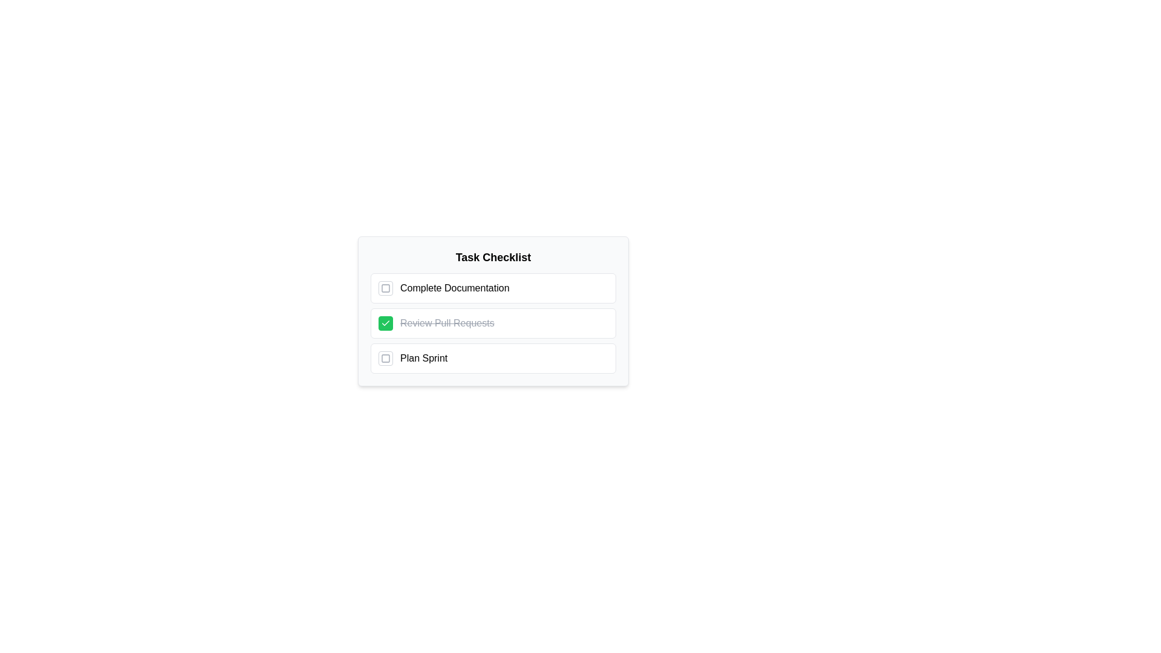  I want to click on the 'completed' status button for the 'Review Pull Requests' task to trigger hints or animations, so click(385, 323).